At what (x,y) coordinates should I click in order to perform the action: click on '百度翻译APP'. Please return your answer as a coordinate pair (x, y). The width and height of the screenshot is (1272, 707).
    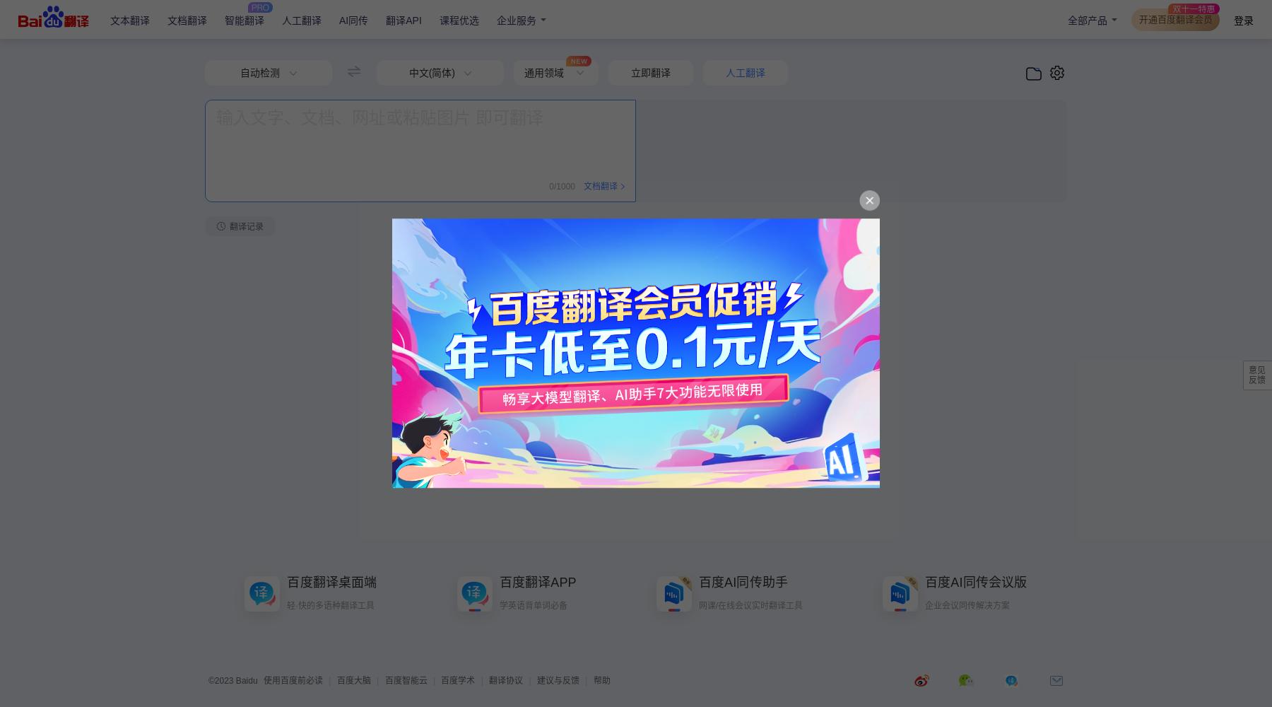
    Looking at the image, I should click on (536, 582).